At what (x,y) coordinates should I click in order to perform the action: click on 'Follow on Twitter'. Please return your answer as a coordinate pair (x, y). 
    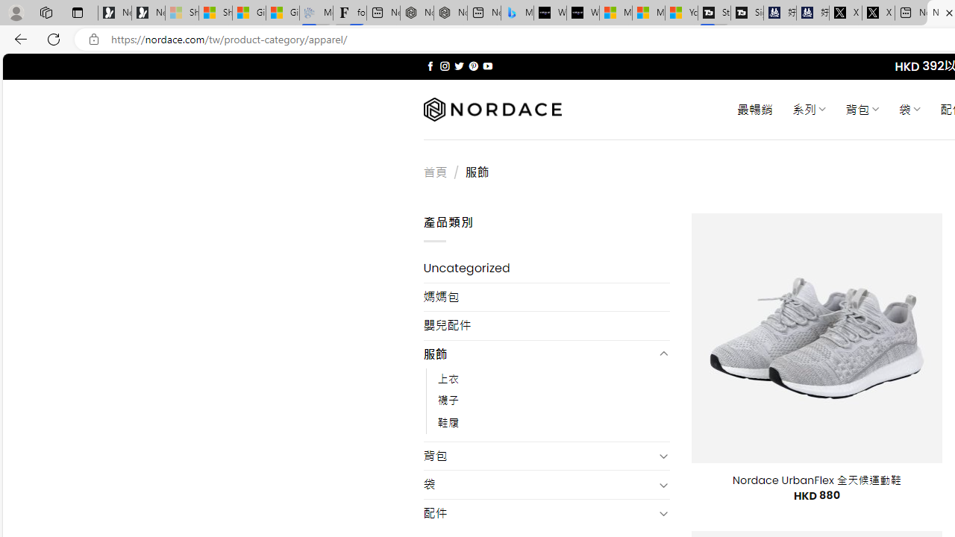
    Looking at the image, I should click on (458, 66).